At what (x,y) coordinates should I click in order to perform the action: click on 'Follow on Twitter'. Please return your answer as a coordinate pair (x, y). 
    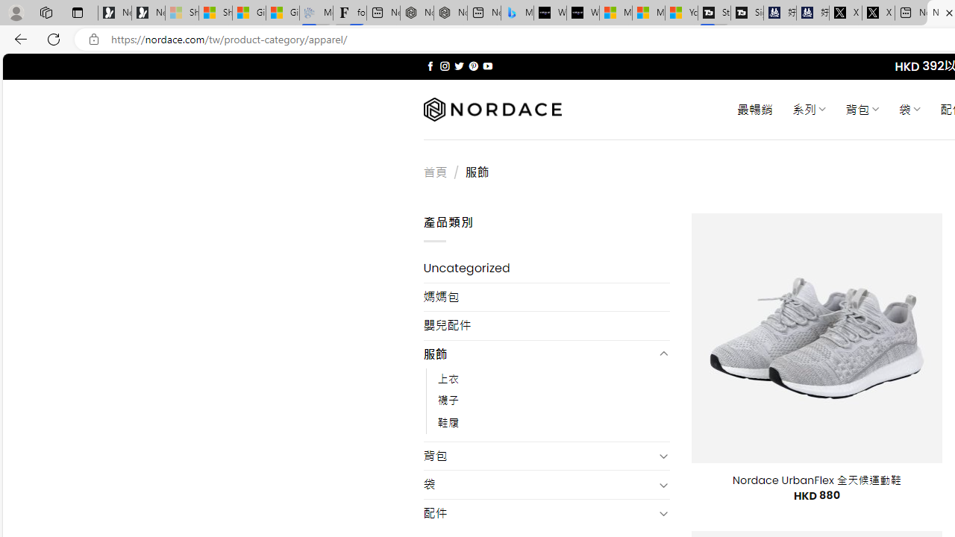
    Looking at the image, I should click on (458, 66).